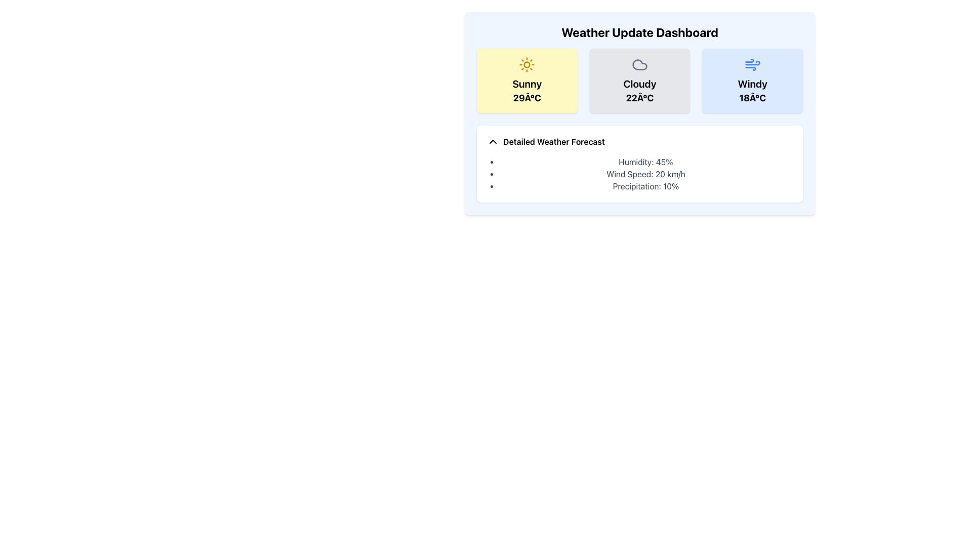 This screenshot has height=547, width=972. I want to click on the temperature display (18°C) text label located below the 'Windy' label in the third weather card of the 'Weather Update Dashboard', so click(752, 98).